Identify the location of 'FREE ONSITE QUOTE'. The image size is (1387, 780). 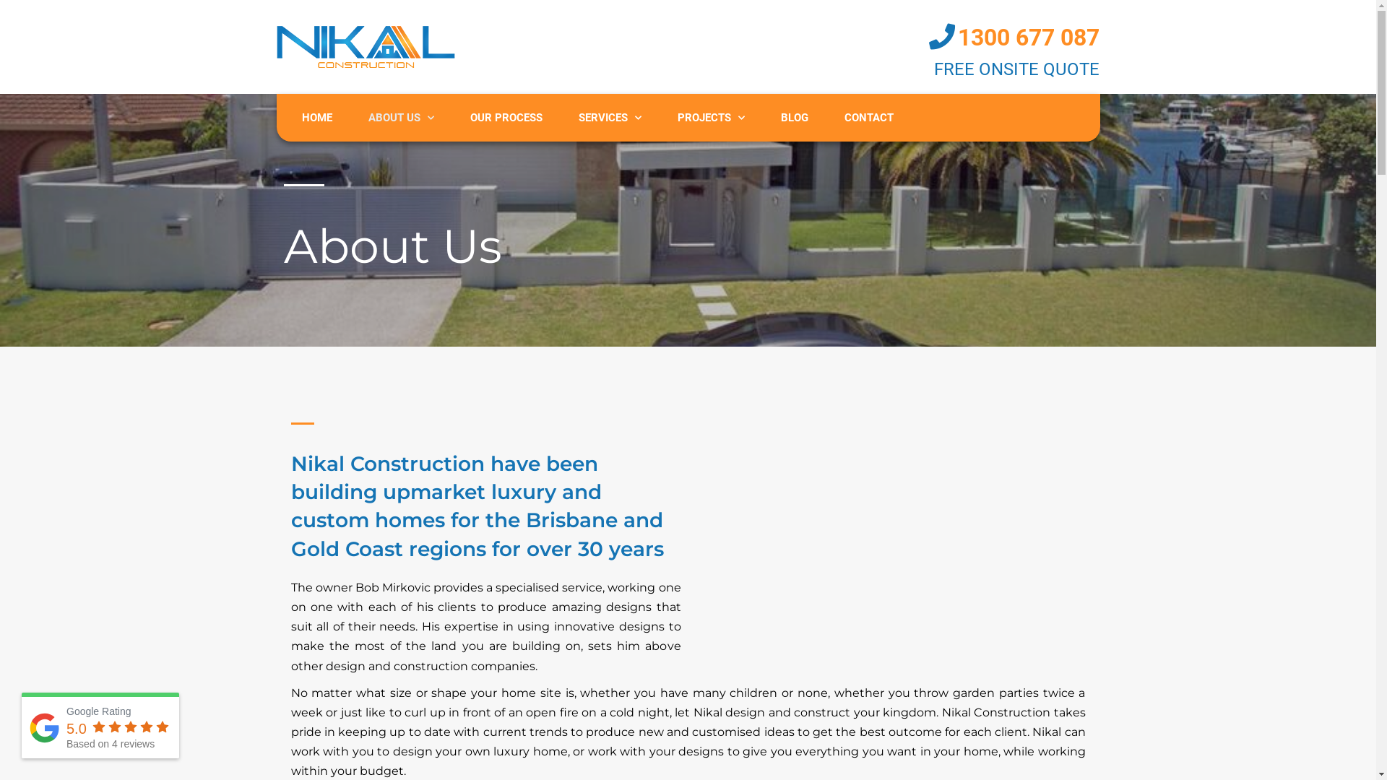
(1016, 69).